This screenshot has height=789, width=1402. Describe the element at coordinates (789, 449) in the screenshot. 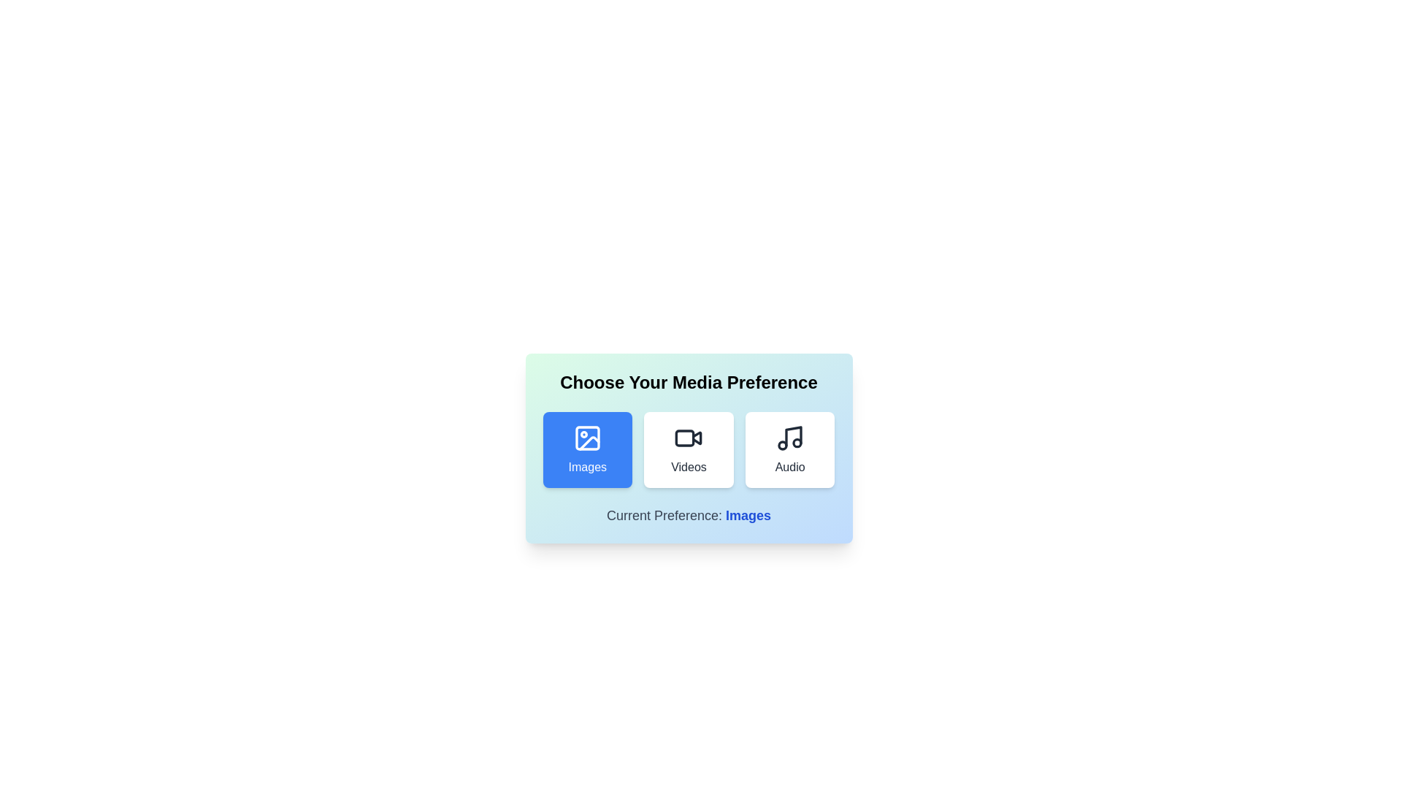

I see `the button corresponding to the media type Audio to inspect its icon` at that location.